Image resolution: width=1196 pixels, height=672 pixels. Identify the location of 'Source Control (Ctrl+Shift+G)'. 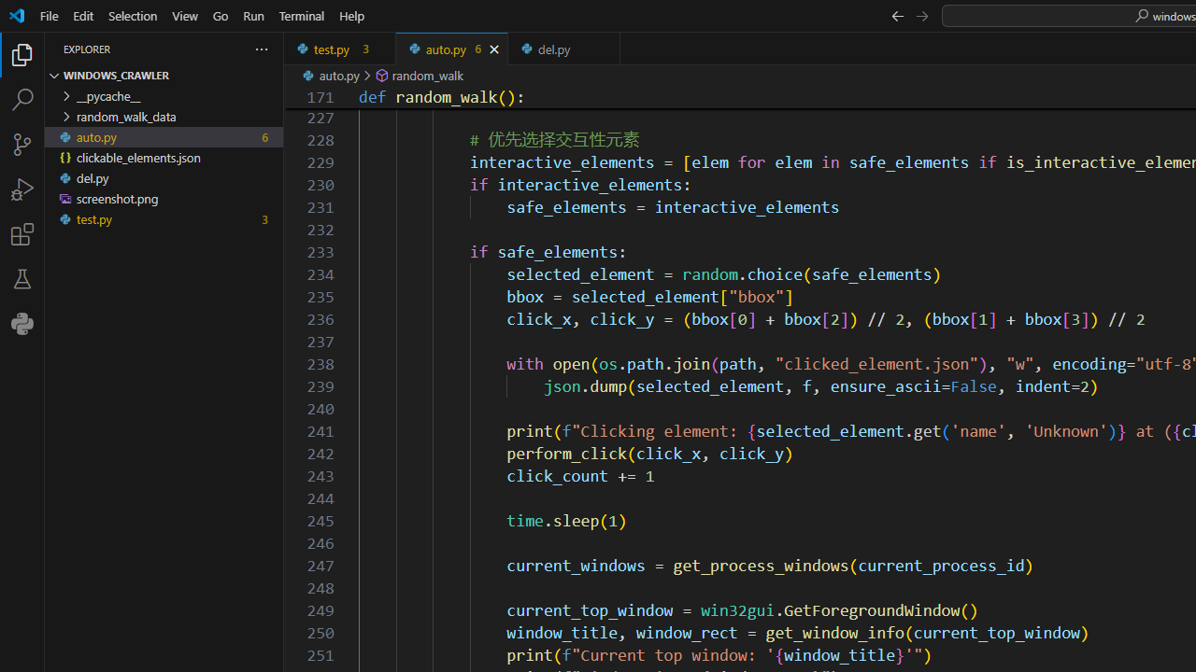
(22, 144).